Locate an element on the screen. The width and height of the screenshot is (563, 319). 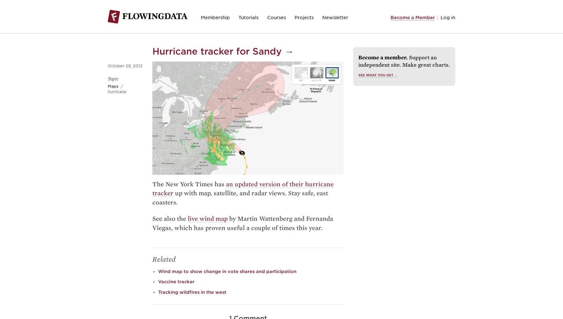
'/' is located at coordinates (121, 86).